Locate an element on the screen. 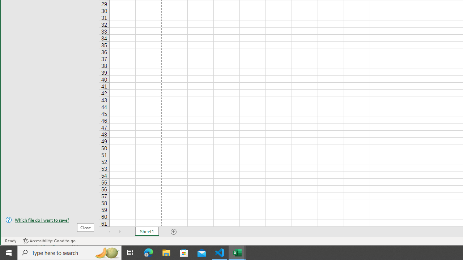 The image size is (463, 260). 'Excel - 2 running windows' is located at coordinates (237, 252).